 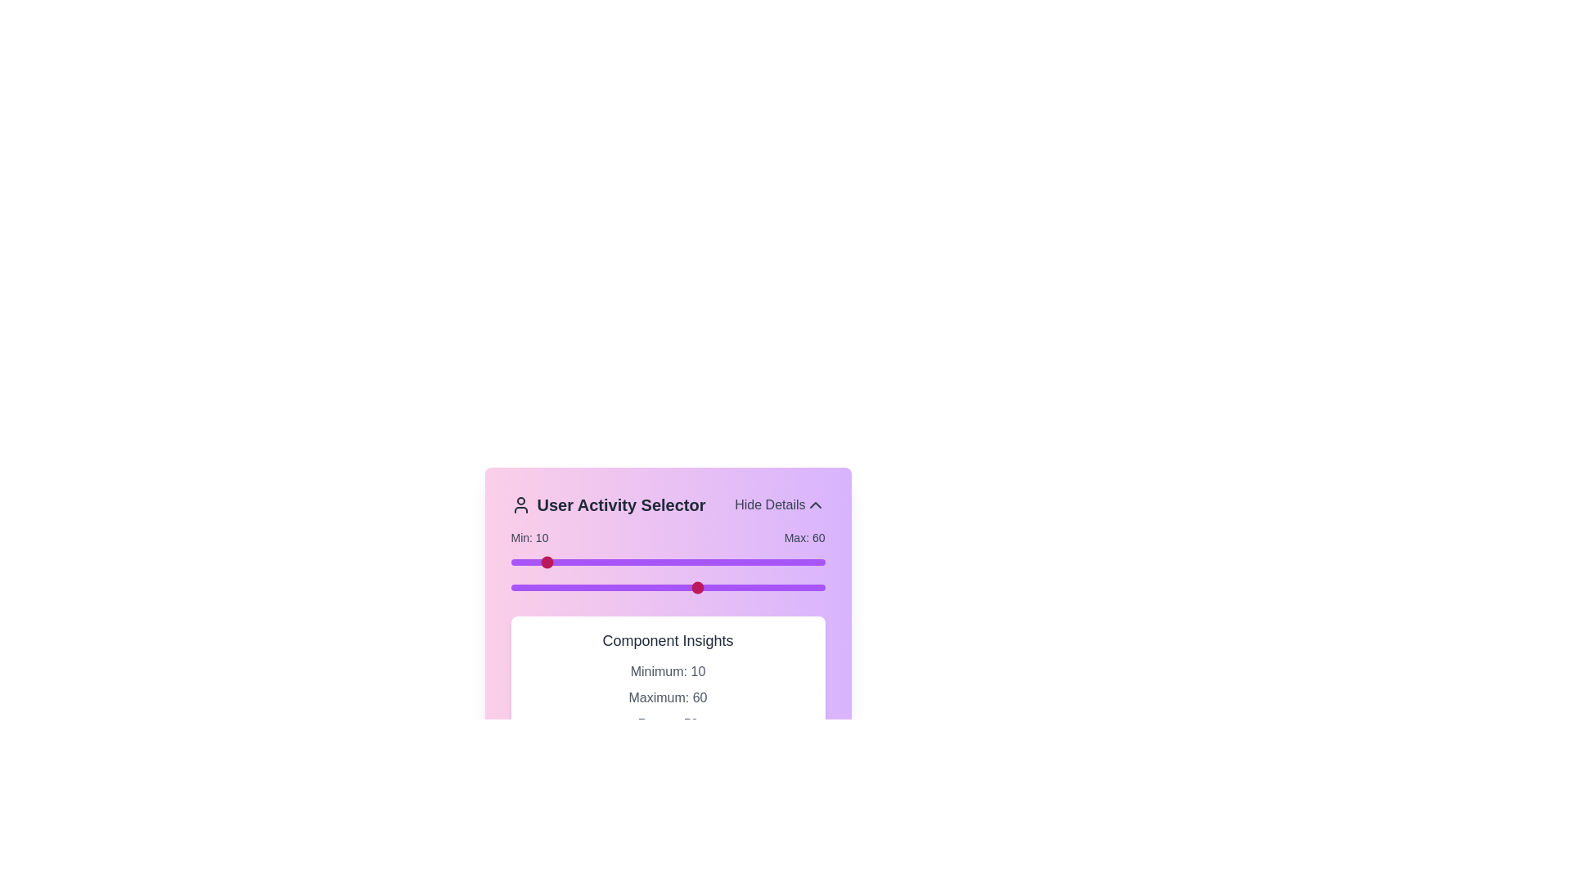 I want to click on the slider to set the range value to 92, so click(x=799, y=561).